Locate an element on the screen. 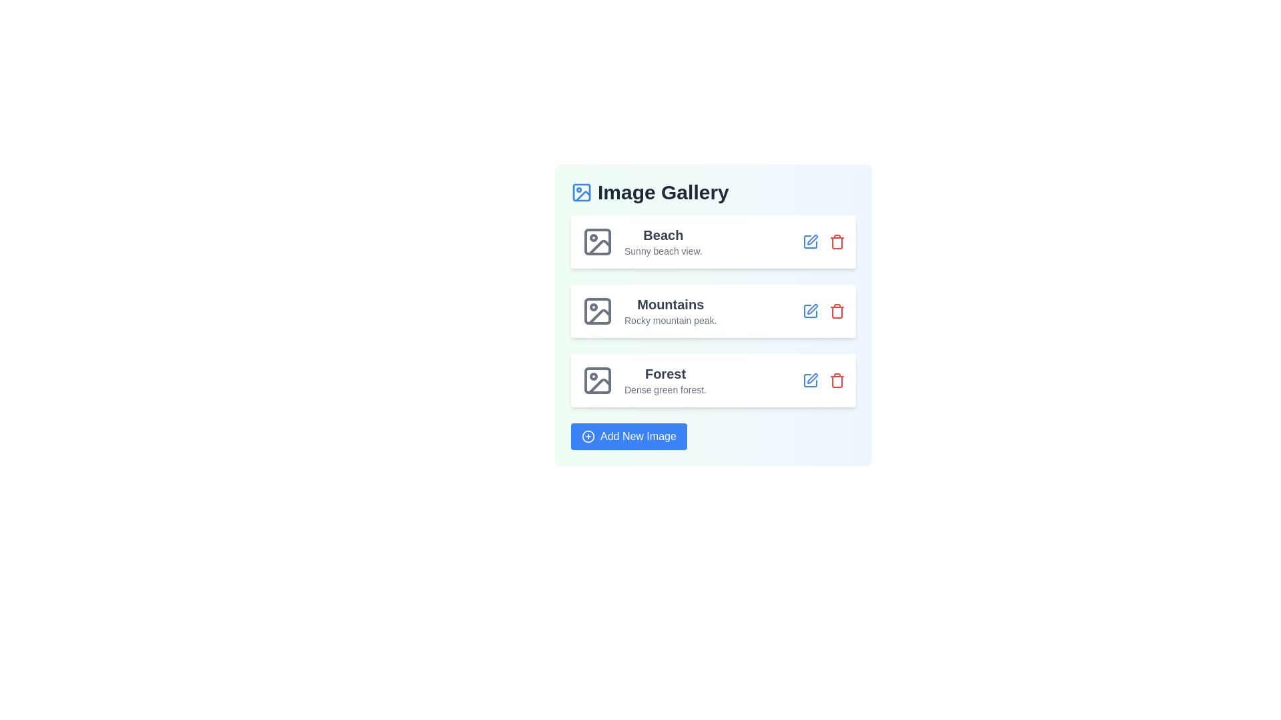 The height and width of the screenshot is (720, 1281). edit button for the image titled 'Mountains' is located at coordinates (809, 311).